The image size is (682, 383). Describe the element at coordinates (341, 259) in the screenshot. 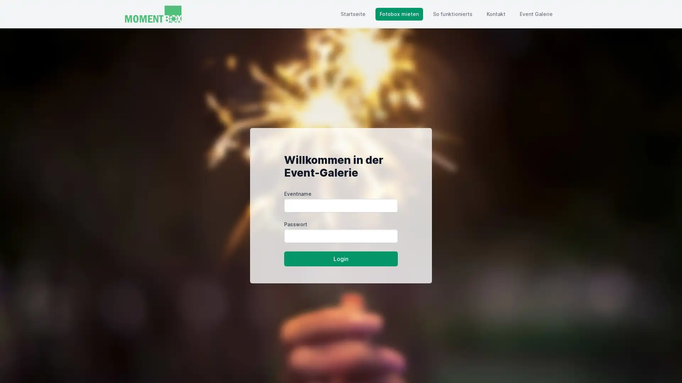

I see `Login` at that location.